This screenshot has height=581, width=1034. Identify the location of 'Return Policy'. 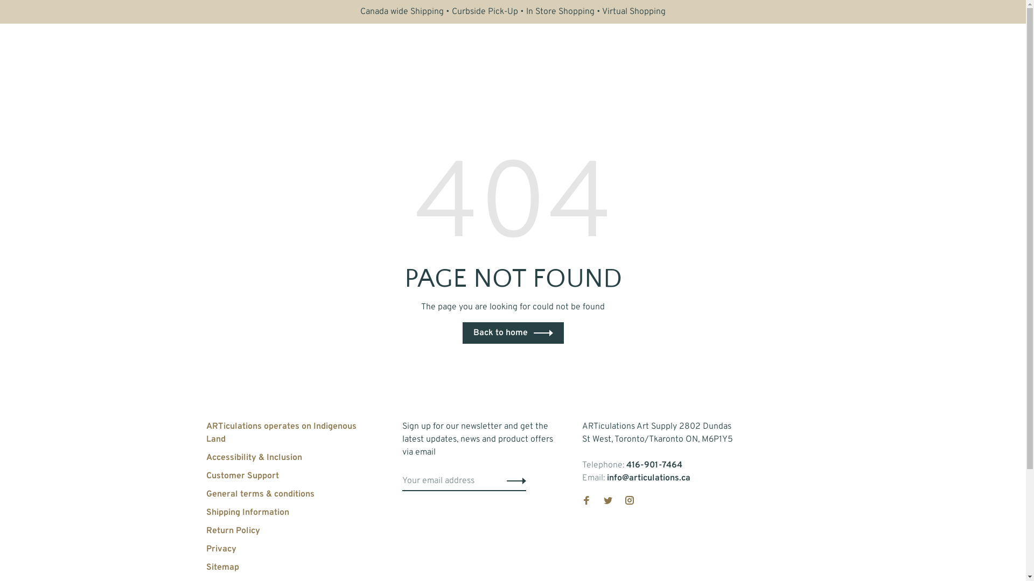
(232, 530).